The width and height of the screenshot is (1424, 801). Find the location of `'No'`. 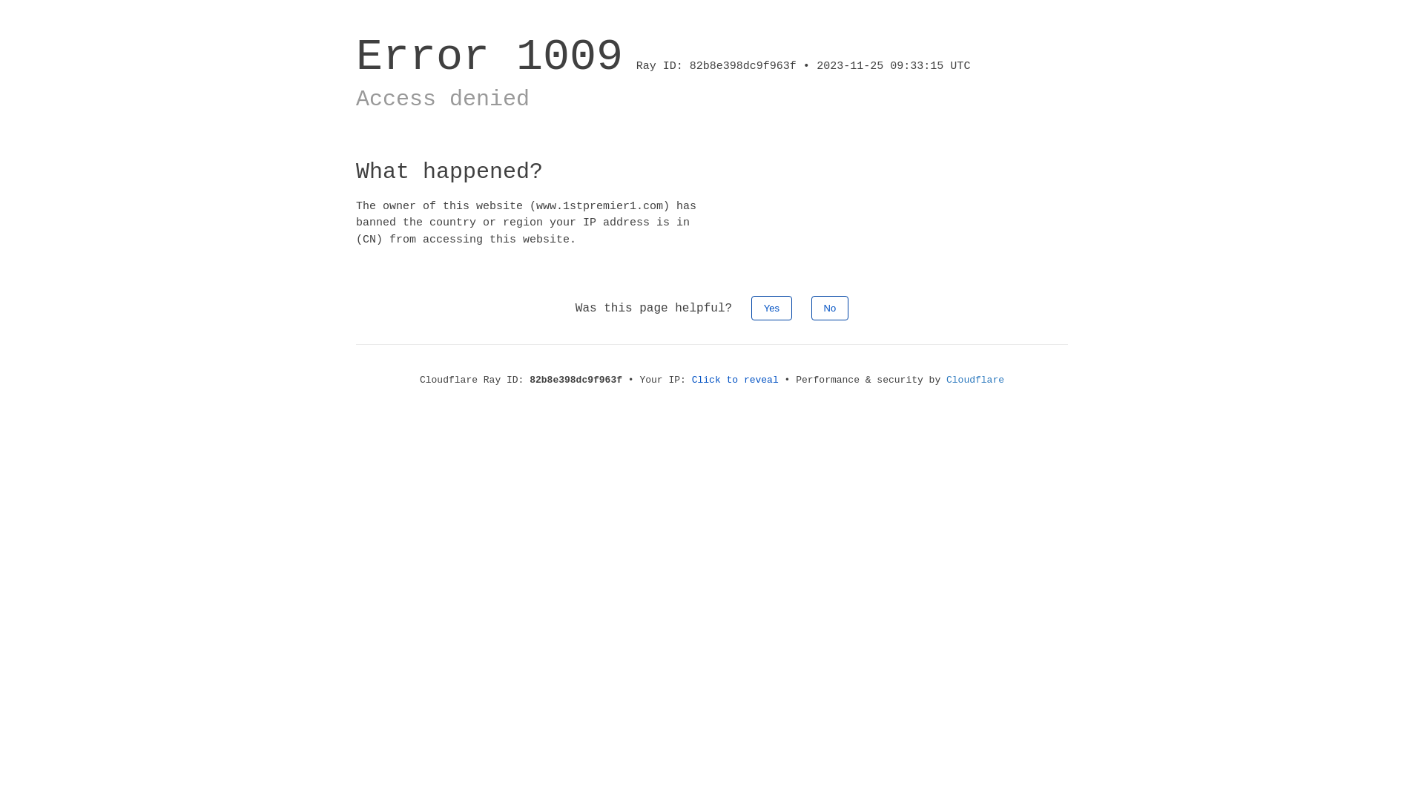

'No' is located at coordinates (829, 307).